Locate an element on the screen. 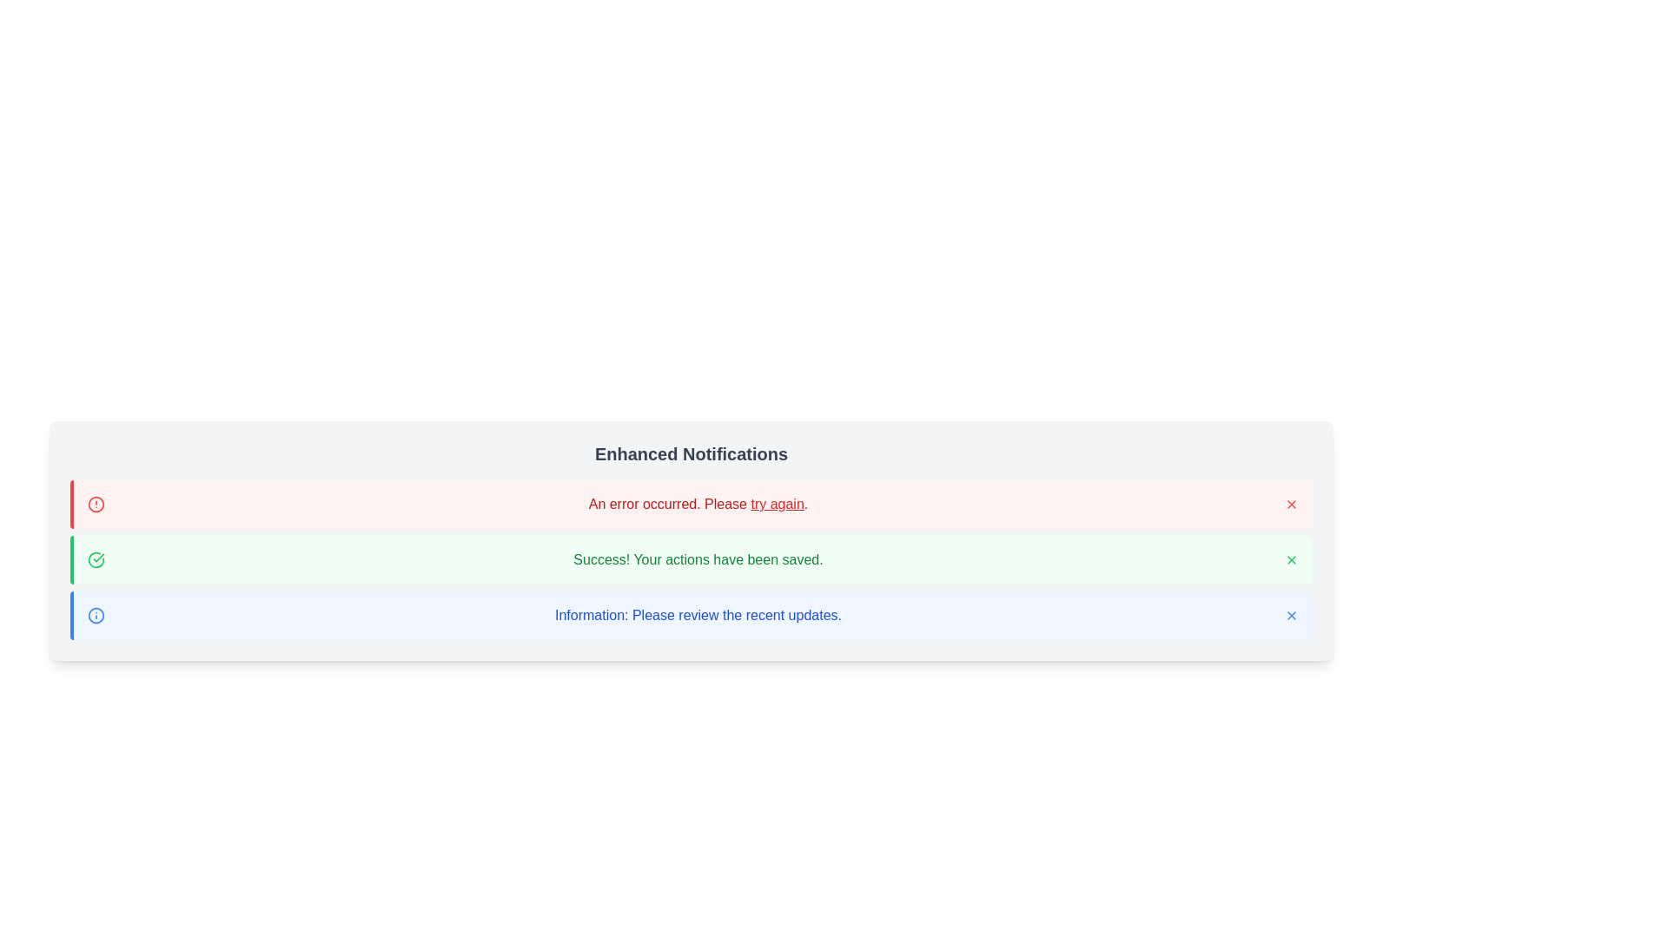  the red Close Button (Interactive Icon) located at the top-right corner of the notification box displaying the error message 'An error occurred. Please try again.' is located at coordinates (1292, 505).